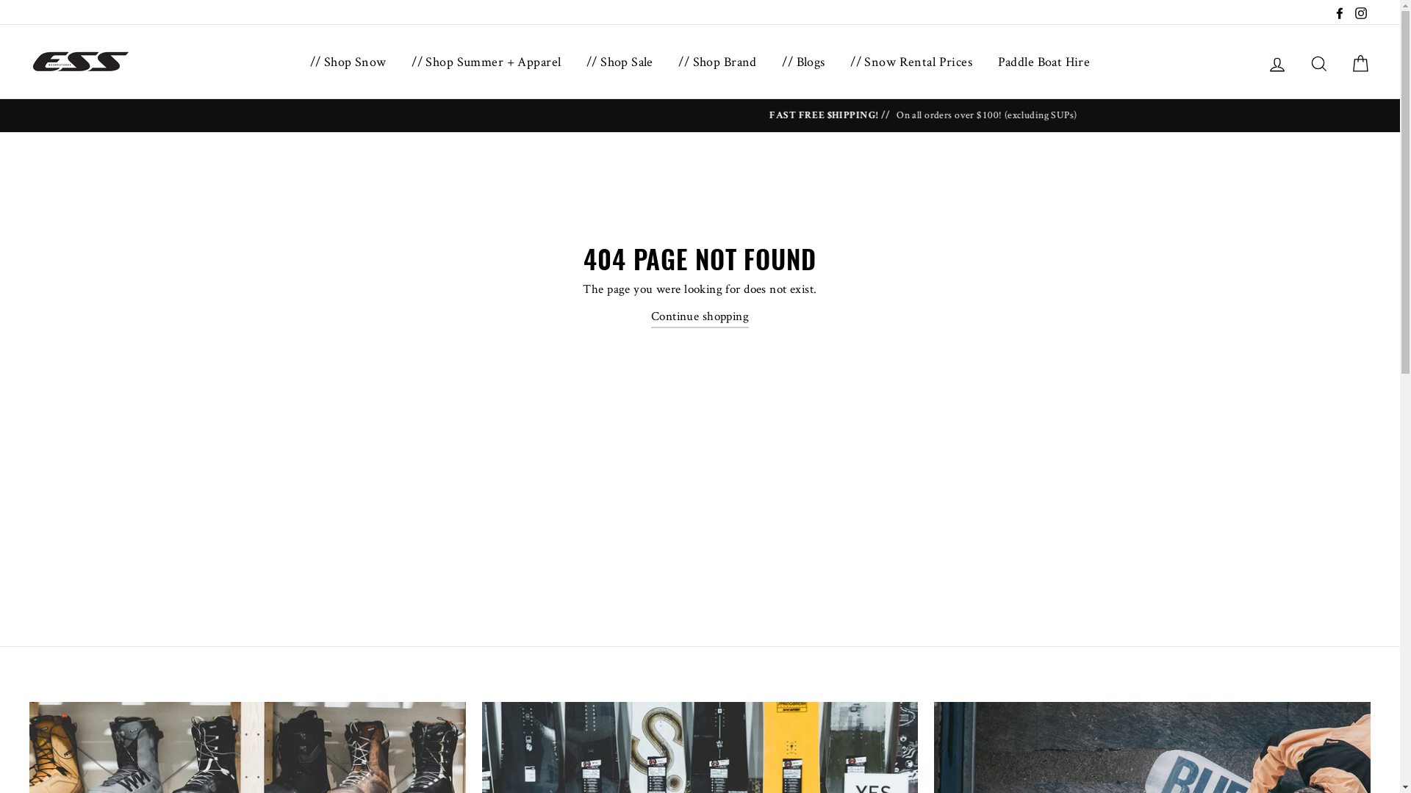  Describe the element at coordinates (620, 61) in the screenshot. I see `'// Shop Sale'` at that location.